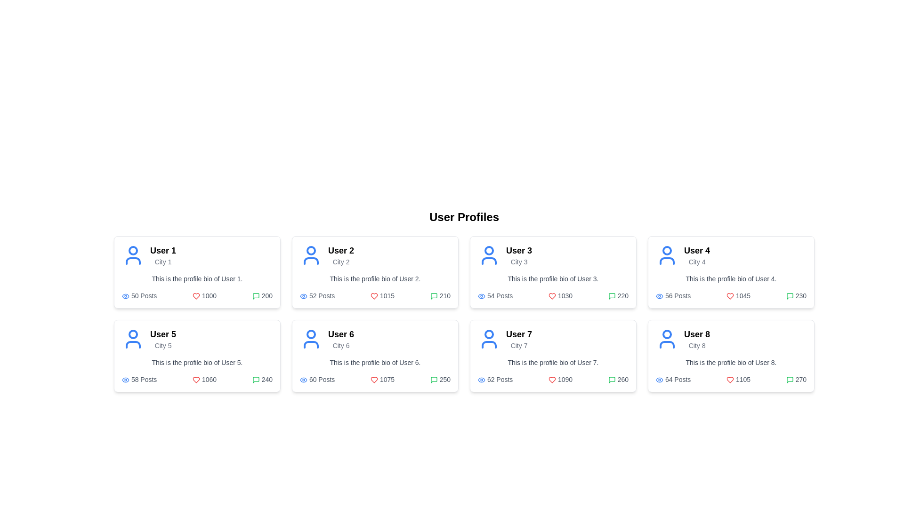  I want to click on text label displaying 'City 6', which is located below the username 'User 6' in the user profile section, so click(340, 346).